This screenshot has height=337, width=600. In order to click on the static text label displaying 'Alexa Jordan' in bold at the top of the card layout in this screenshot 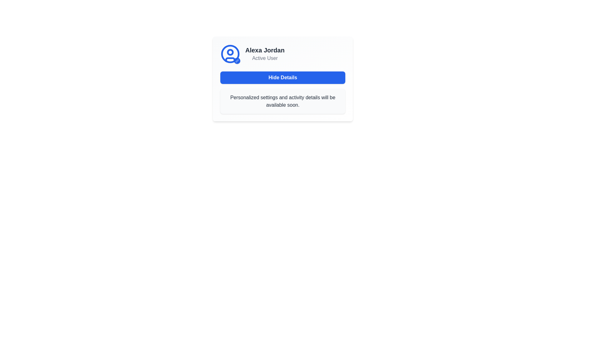, I will do `click(265, 50)`.